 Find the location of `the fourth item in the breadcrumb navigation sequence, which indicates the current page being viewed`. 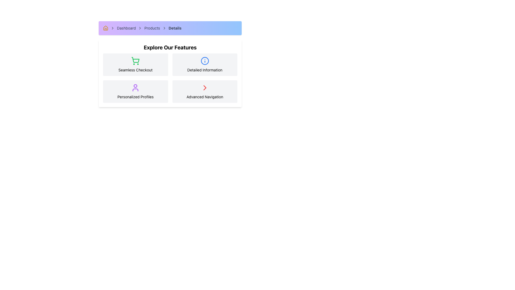

the fourth item in the breadcrumb navigation sequence, which indicates the current page being viewed is located at coordinates (175, 28).